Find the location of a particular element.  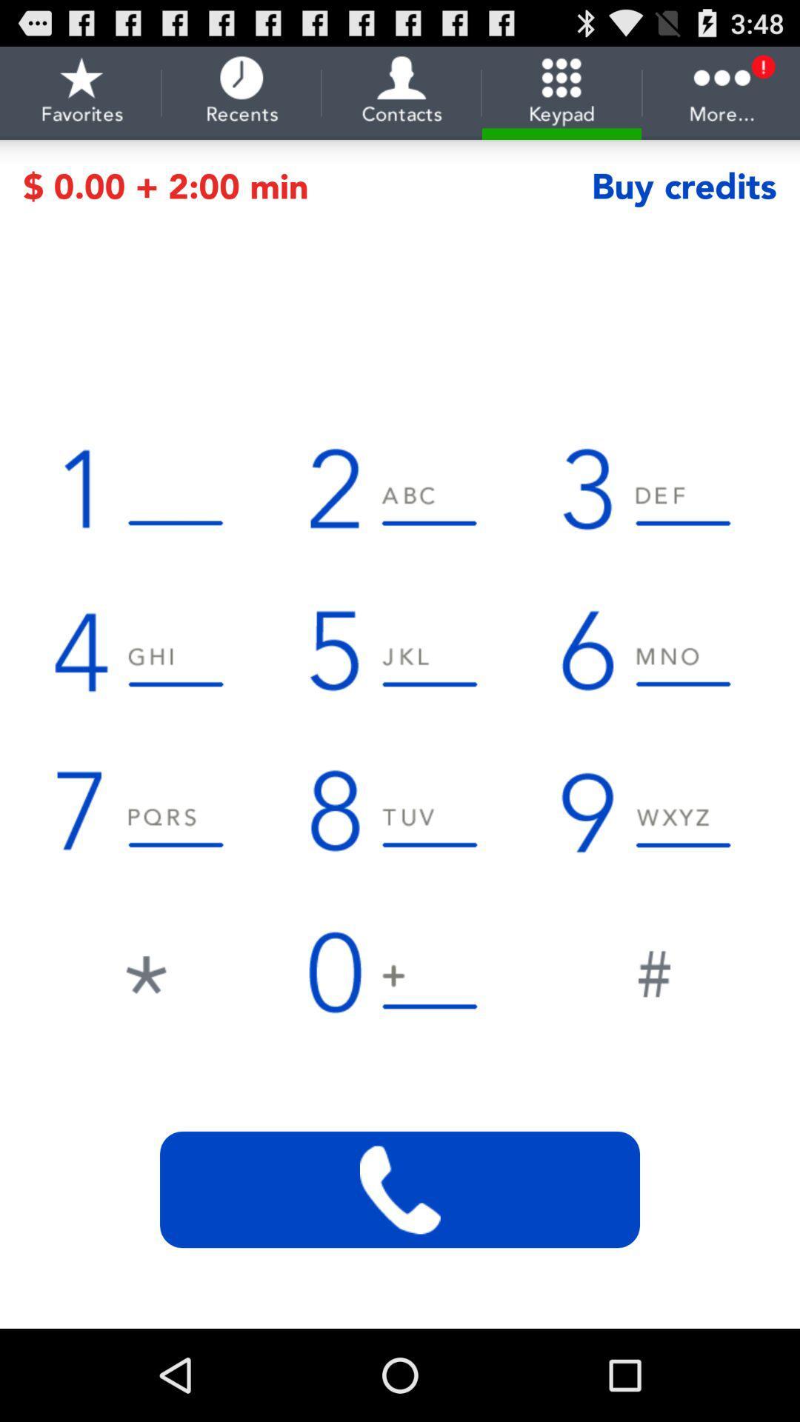

the icon next to the 0 00 2 item is located at coordinates (684, 186).